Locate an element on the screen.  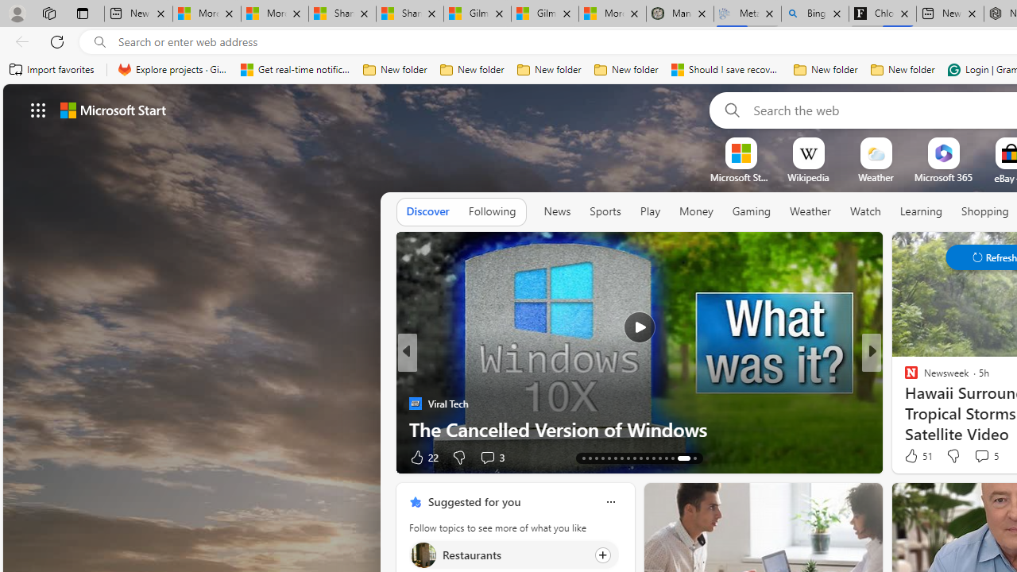
'AutomationID: tab-21' is located at coordinates (608, 458).